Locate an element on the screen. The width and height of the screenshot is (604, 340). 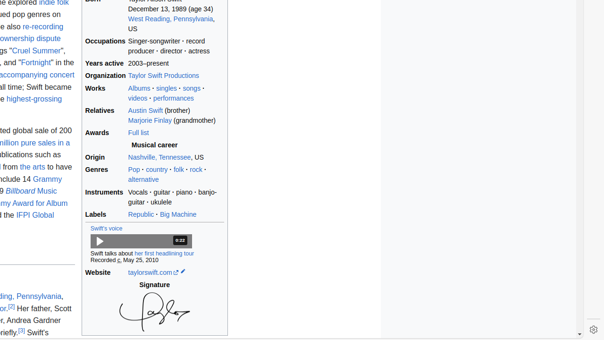
'songs' is located at coordinates (191, 88).